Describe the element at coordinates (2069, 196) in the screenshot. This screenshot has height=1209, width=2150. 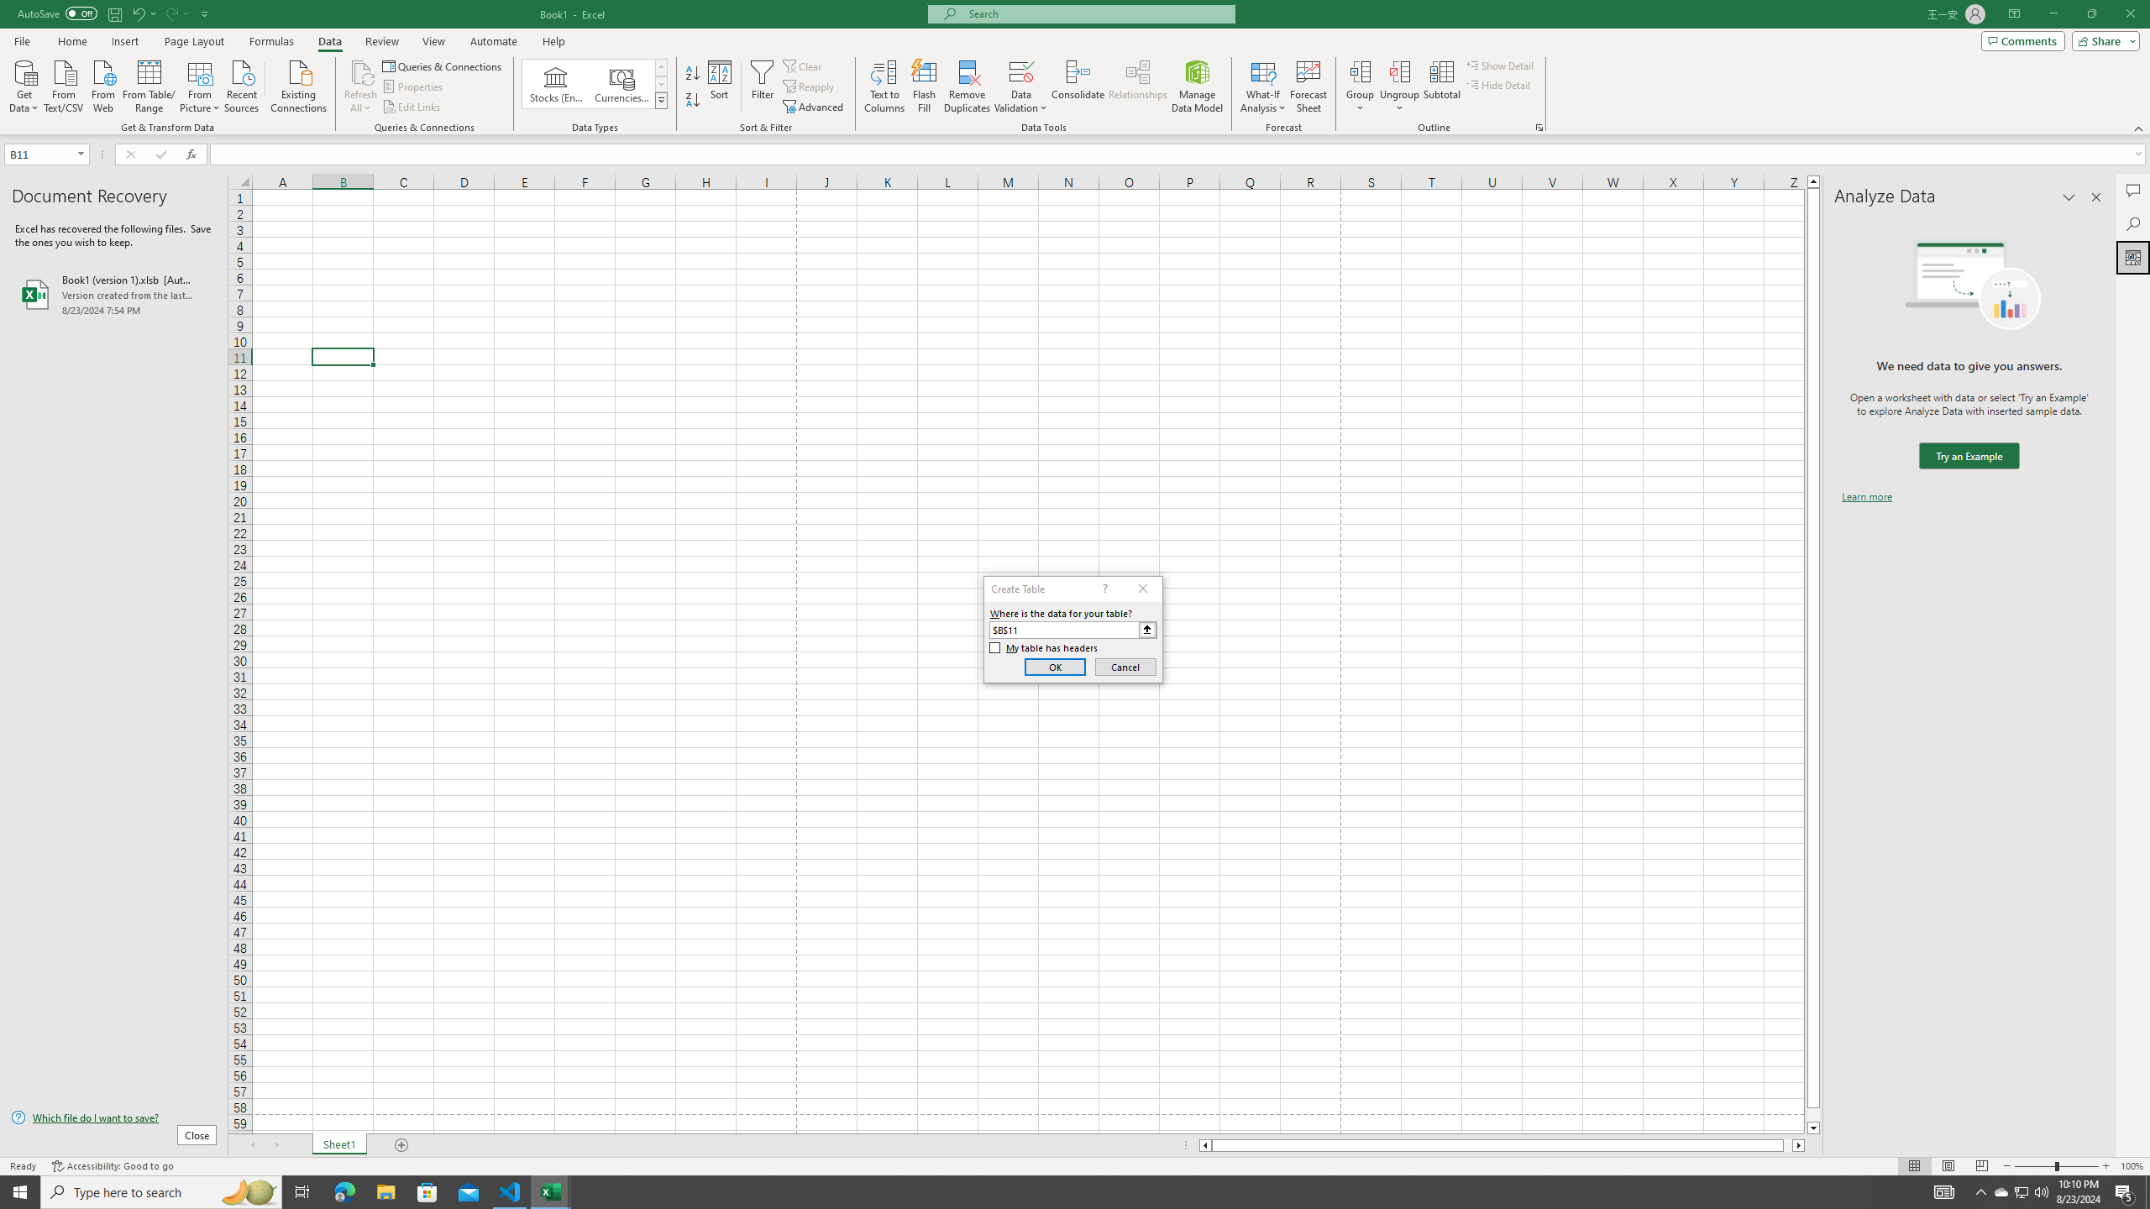
I see `'Task Pane Options'` at that location.